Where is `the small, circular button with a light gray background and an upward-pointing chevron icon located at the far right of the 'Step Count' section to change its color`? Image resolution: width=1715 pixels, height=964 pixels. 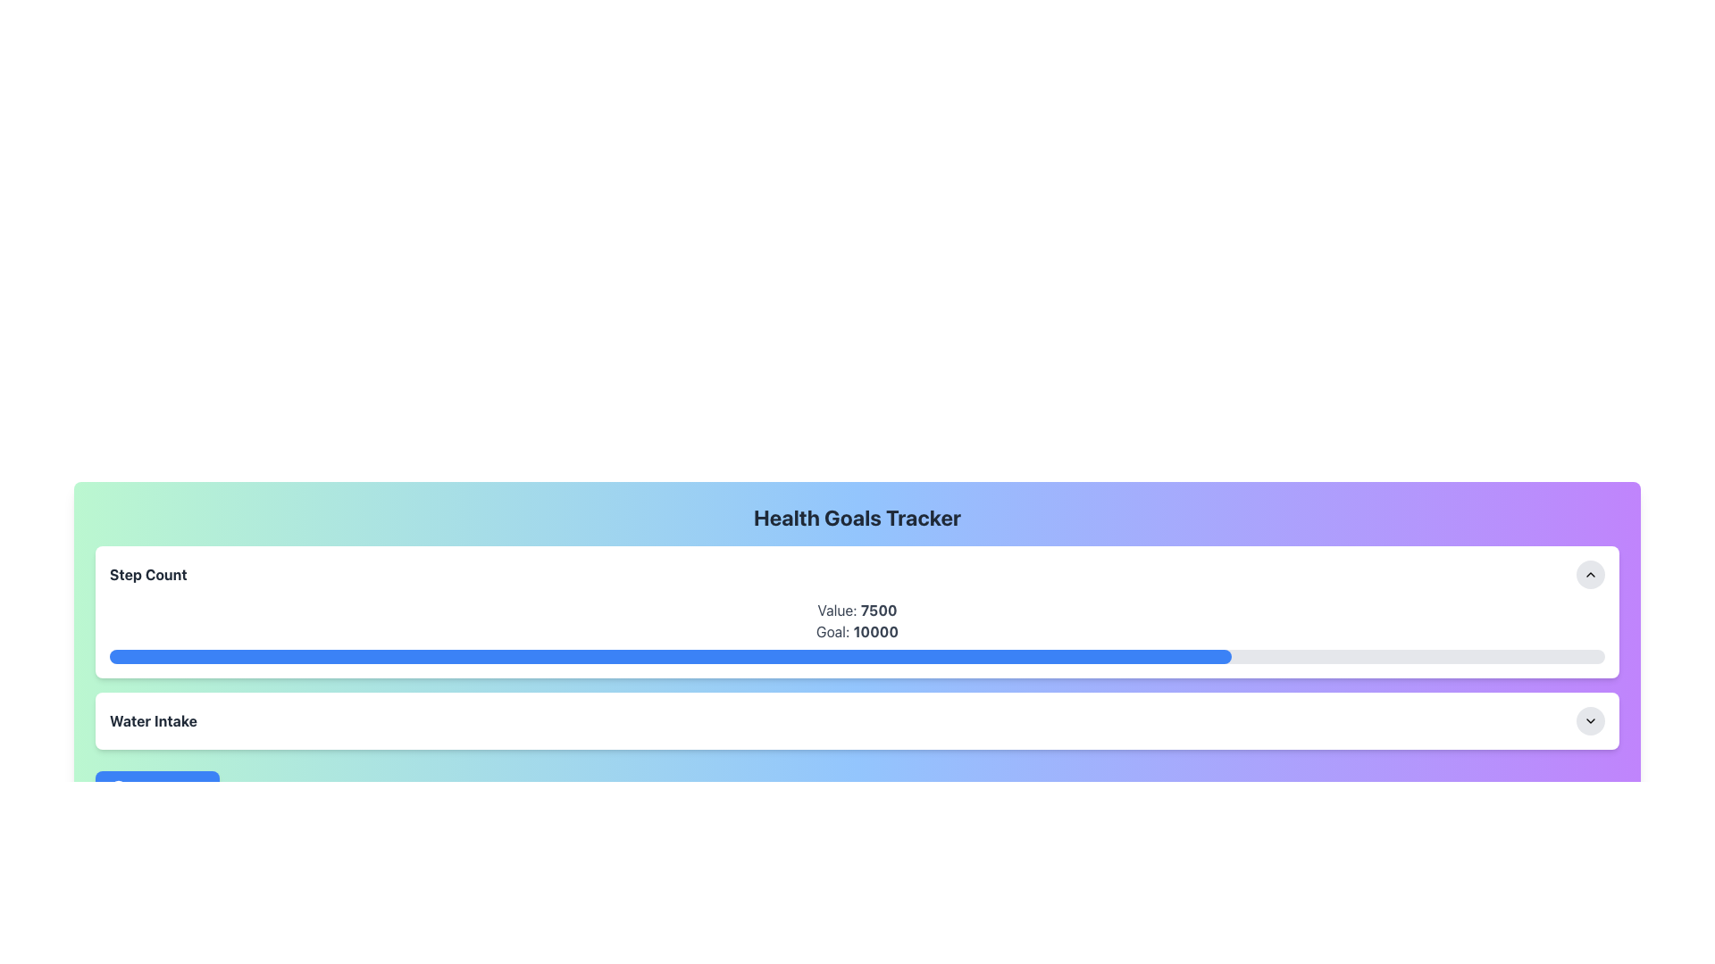 the small, circular button with a light gray background and an upward-pointing chevron icon located at the far right of the 'Step Count' section to change its color is located at coordinates (1590, 575).